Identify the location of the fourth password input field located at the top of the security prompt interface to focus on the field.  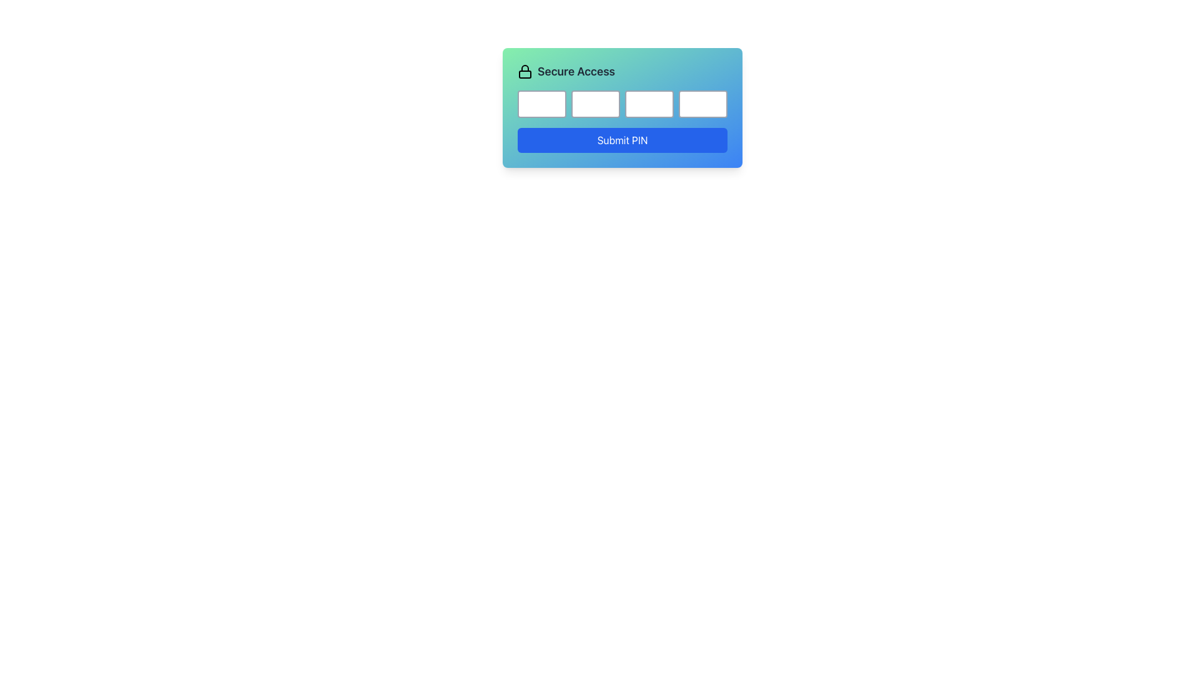
(703, 103).